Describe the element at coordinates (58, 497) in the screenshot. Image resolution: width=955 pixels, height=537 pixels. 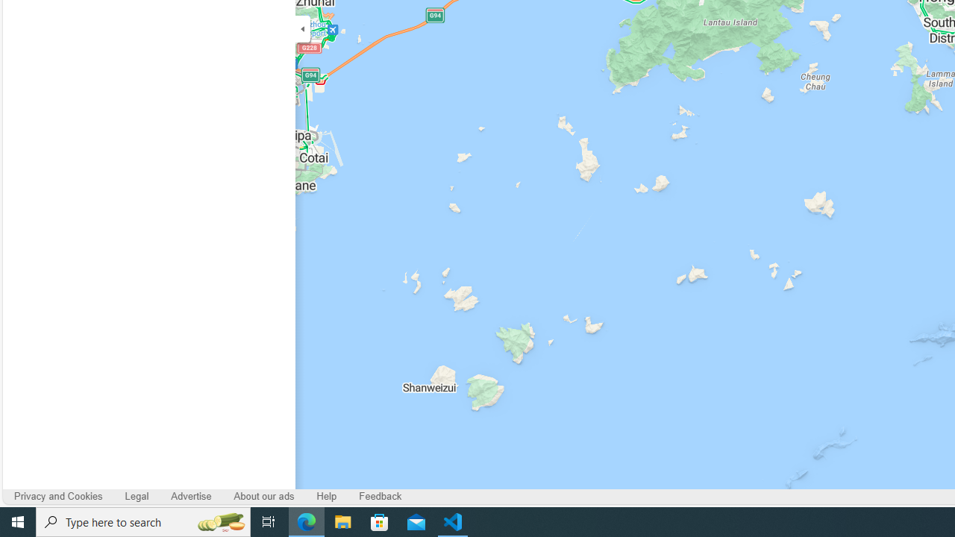
I see `'Privacy and Cookies'` at that location.